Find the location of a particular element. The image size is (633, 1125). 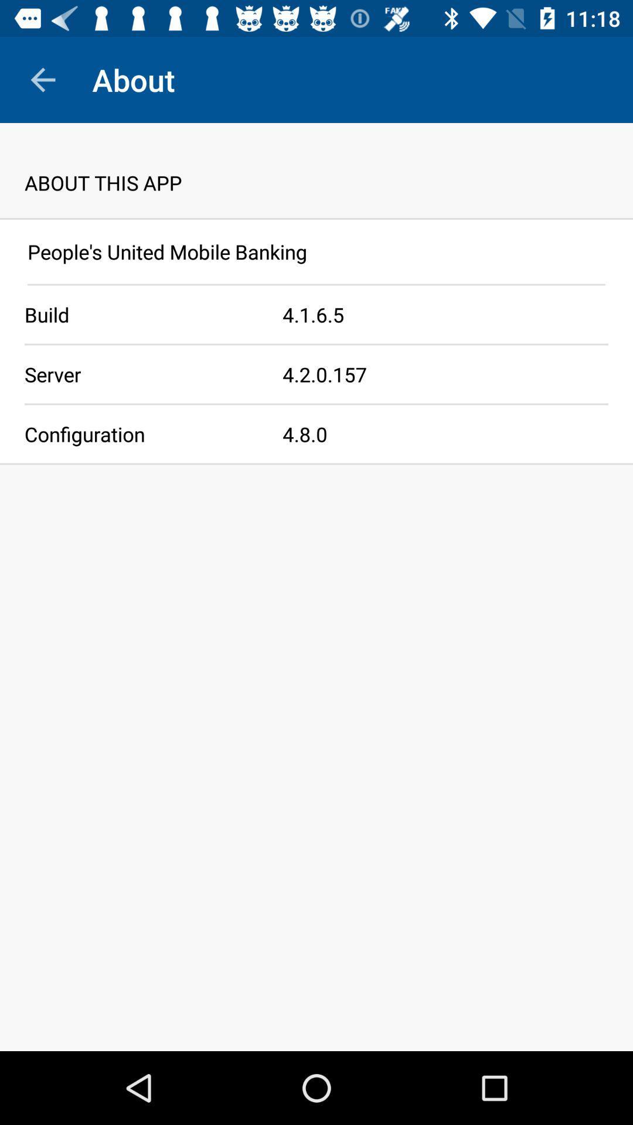

the about this app is located at coordinates (316, 170).